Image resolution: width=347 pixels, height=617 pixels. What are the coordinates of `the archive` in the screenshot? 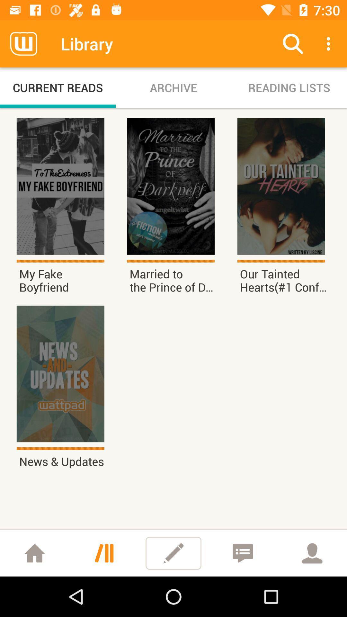 It's located at (173, 87).